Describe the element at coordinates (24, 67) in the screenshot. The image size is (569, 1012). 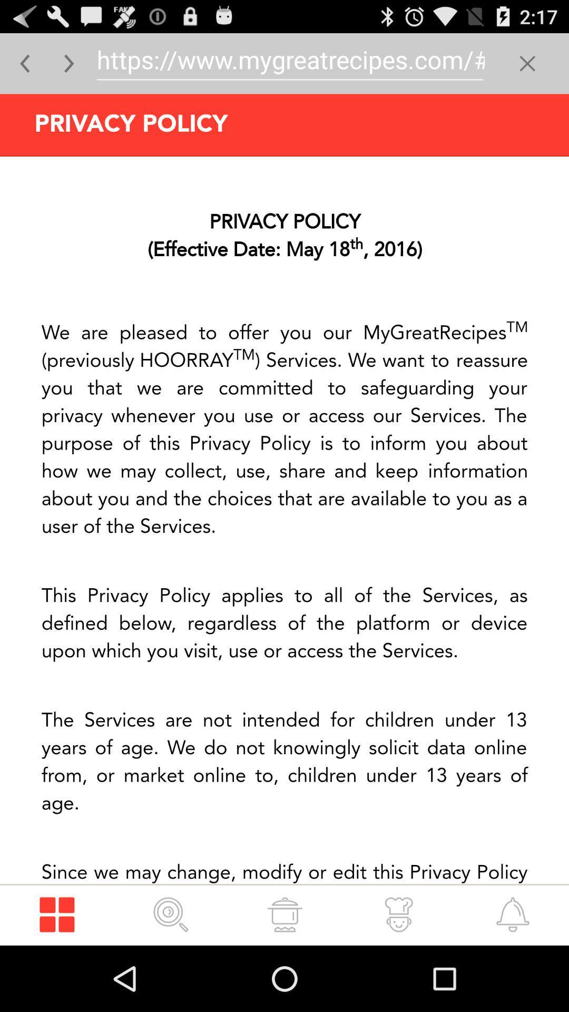
I see `the arrow_backward icon` at that location.